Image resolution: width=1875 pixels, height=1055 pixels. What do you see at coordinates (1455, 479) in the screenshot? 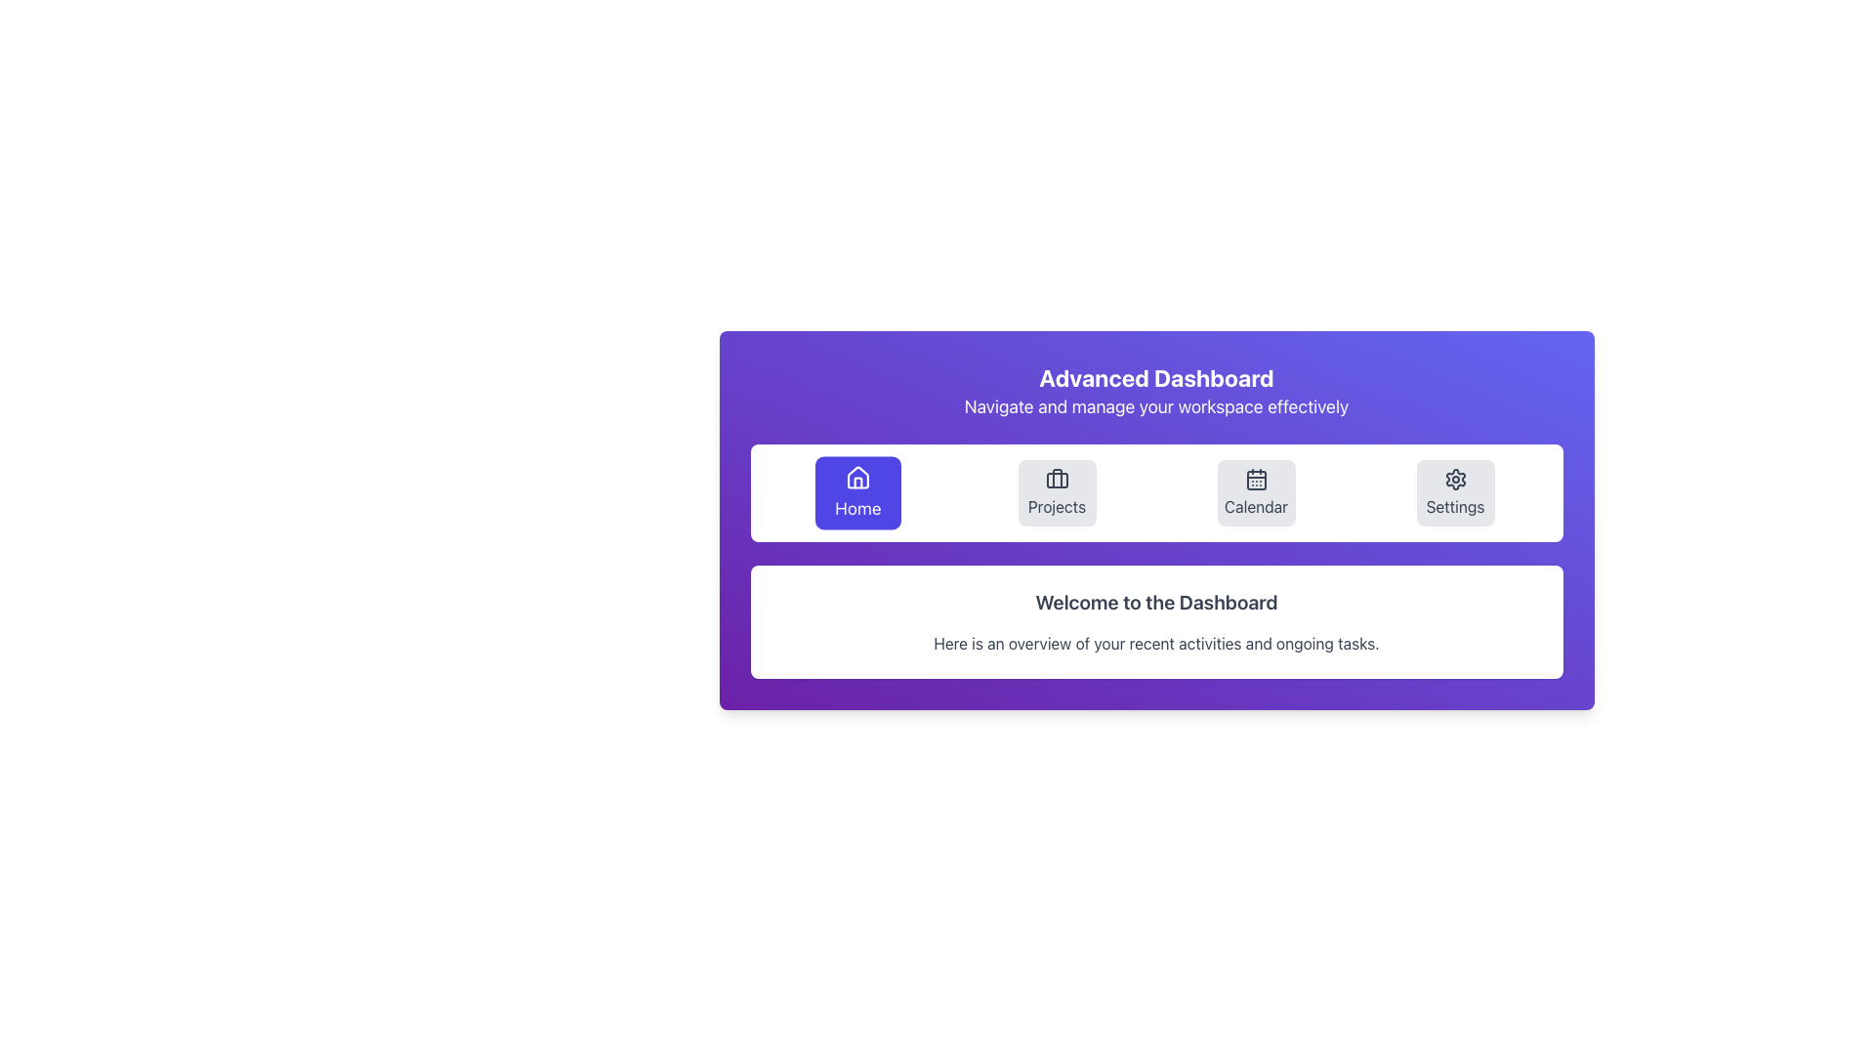
I see `the gear-shaped icon styled as an outlined setting symbol located within the 'Settings' button in the navigation bar` at bounding box center [1455, 479].